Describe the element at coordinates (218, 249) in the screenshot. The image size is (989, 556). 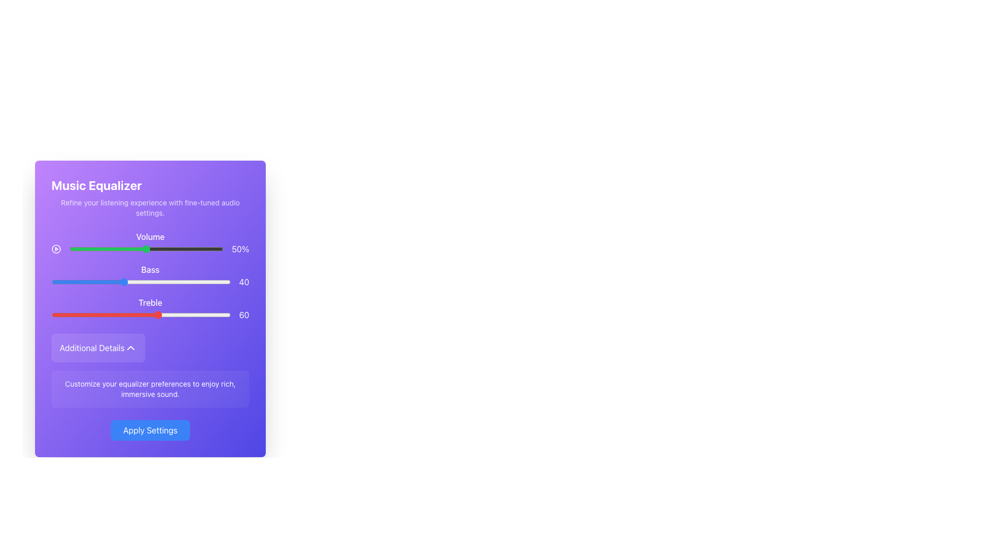
I see `the slider` at that location.